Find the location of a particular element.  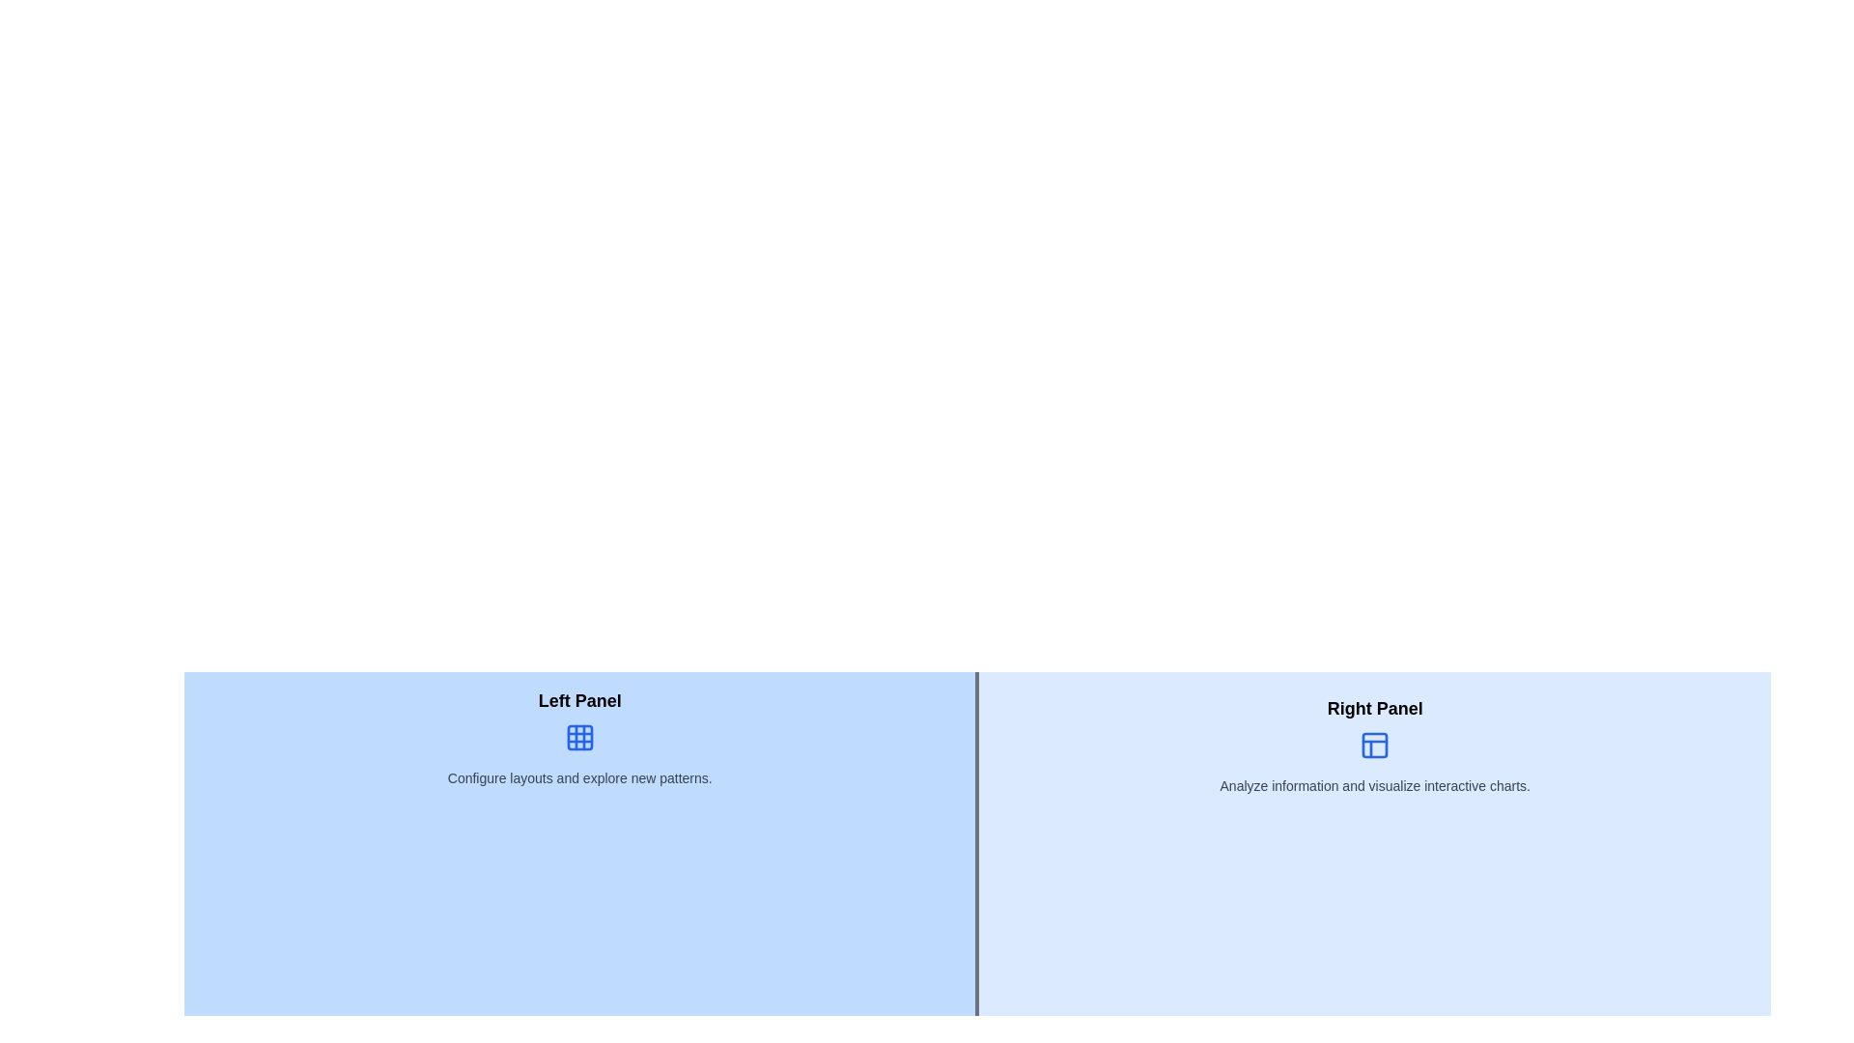

text label that identifies the right panel of the interface, positioned at the top center of the right panel is located at coordinates (1374, 708).